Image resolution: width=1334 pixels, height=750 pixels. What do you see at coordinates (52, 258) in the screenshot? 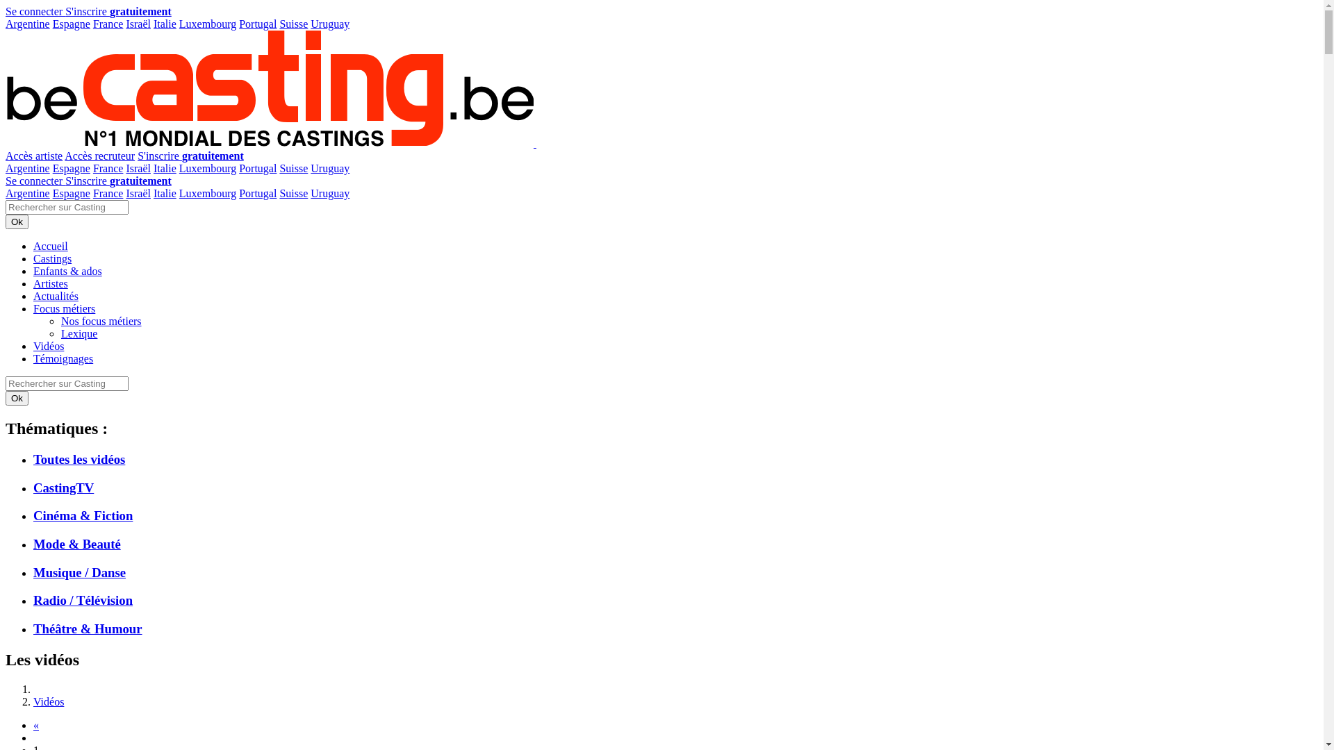
I see `'Castings'` at bounding box center [52, 258].